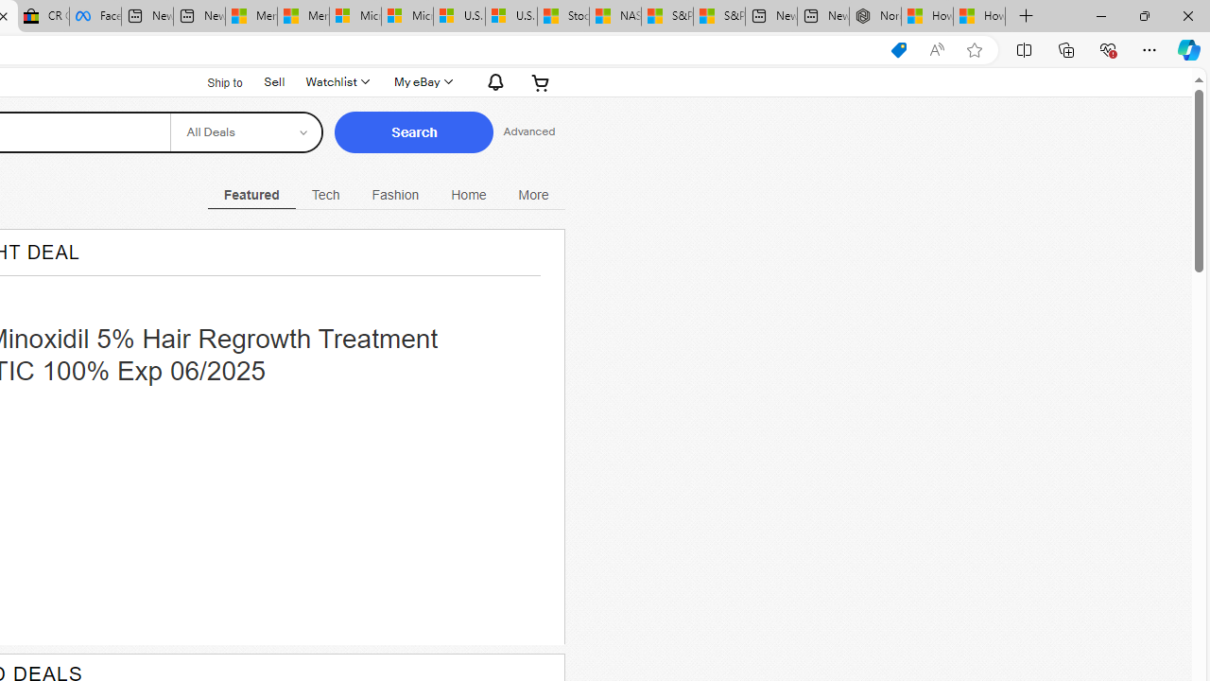  Describe the element at coordinates (1066, 48) in the screenshot. I see `'Collections'` at that location.